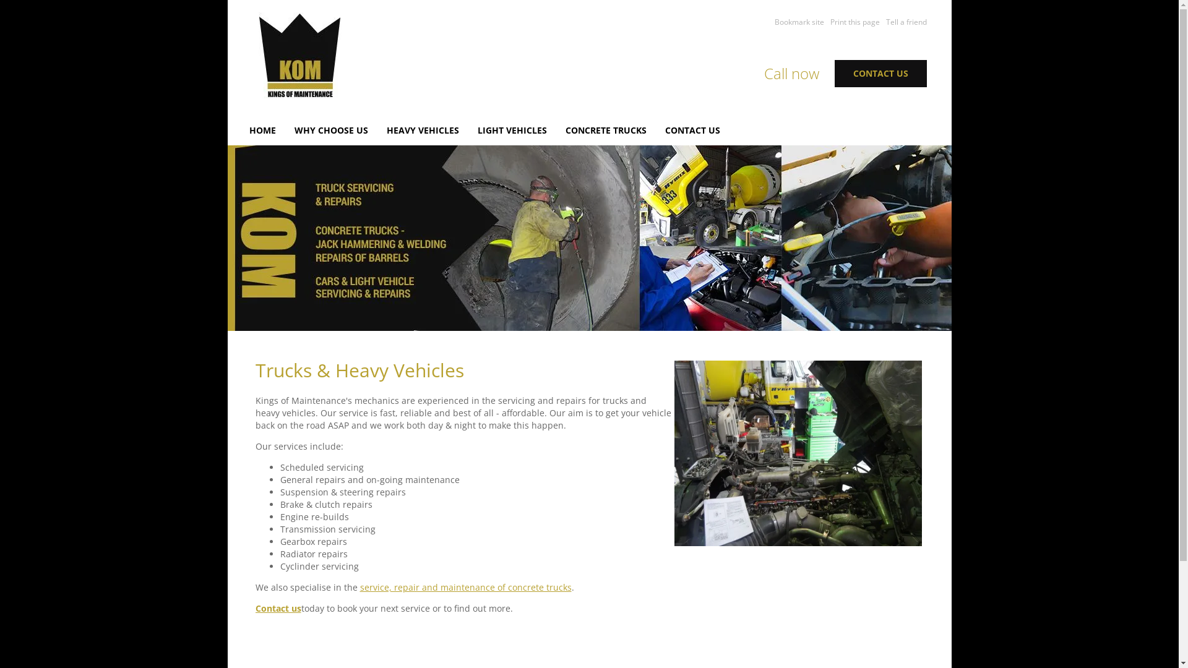  I want to click on 'CONTACT US', so click(879, 74).